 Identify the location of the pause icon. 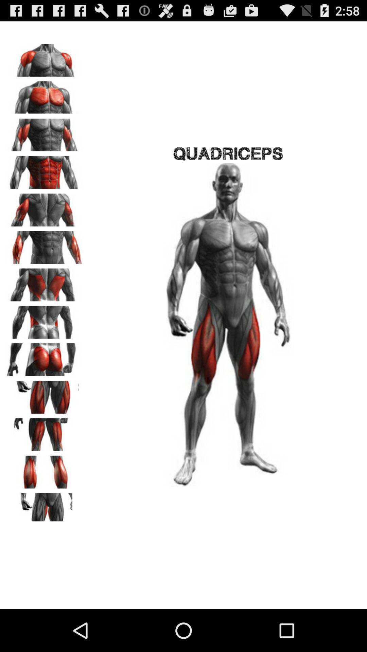
(45, 462).